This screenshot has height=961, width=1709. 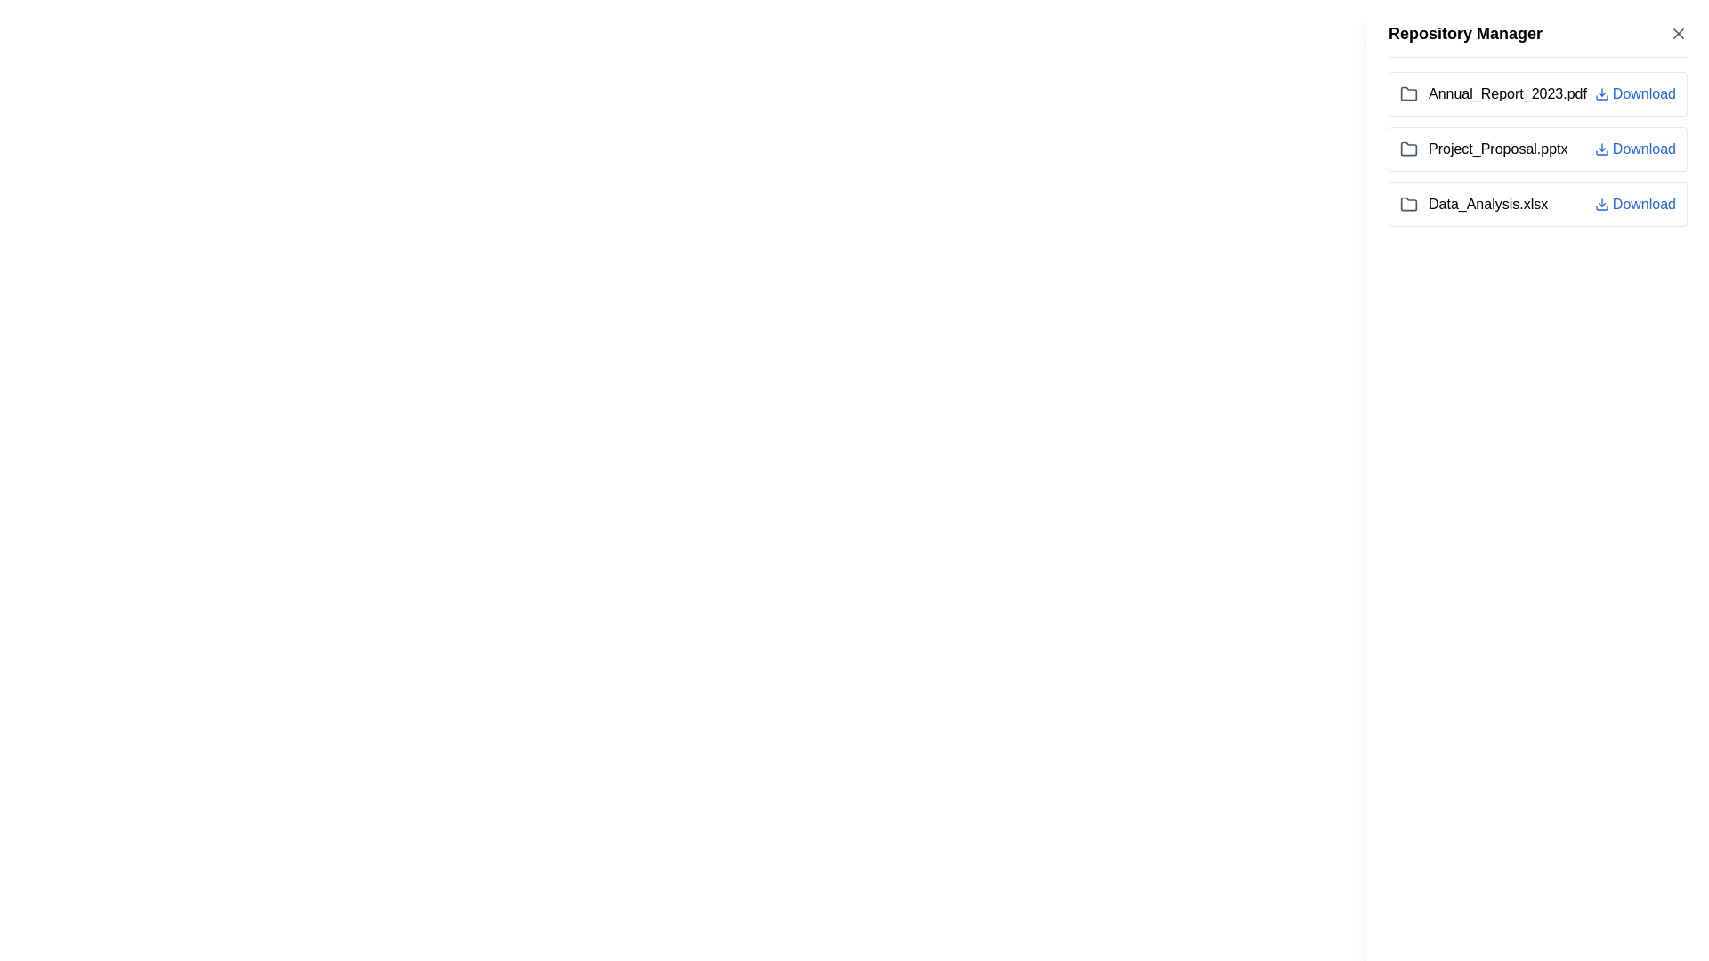 I want to click on the stylized folder icon in the 'Repository Manager' sidebar, located next to the file 'Project_Proposal.pptx', so click(x=1408, y=147).